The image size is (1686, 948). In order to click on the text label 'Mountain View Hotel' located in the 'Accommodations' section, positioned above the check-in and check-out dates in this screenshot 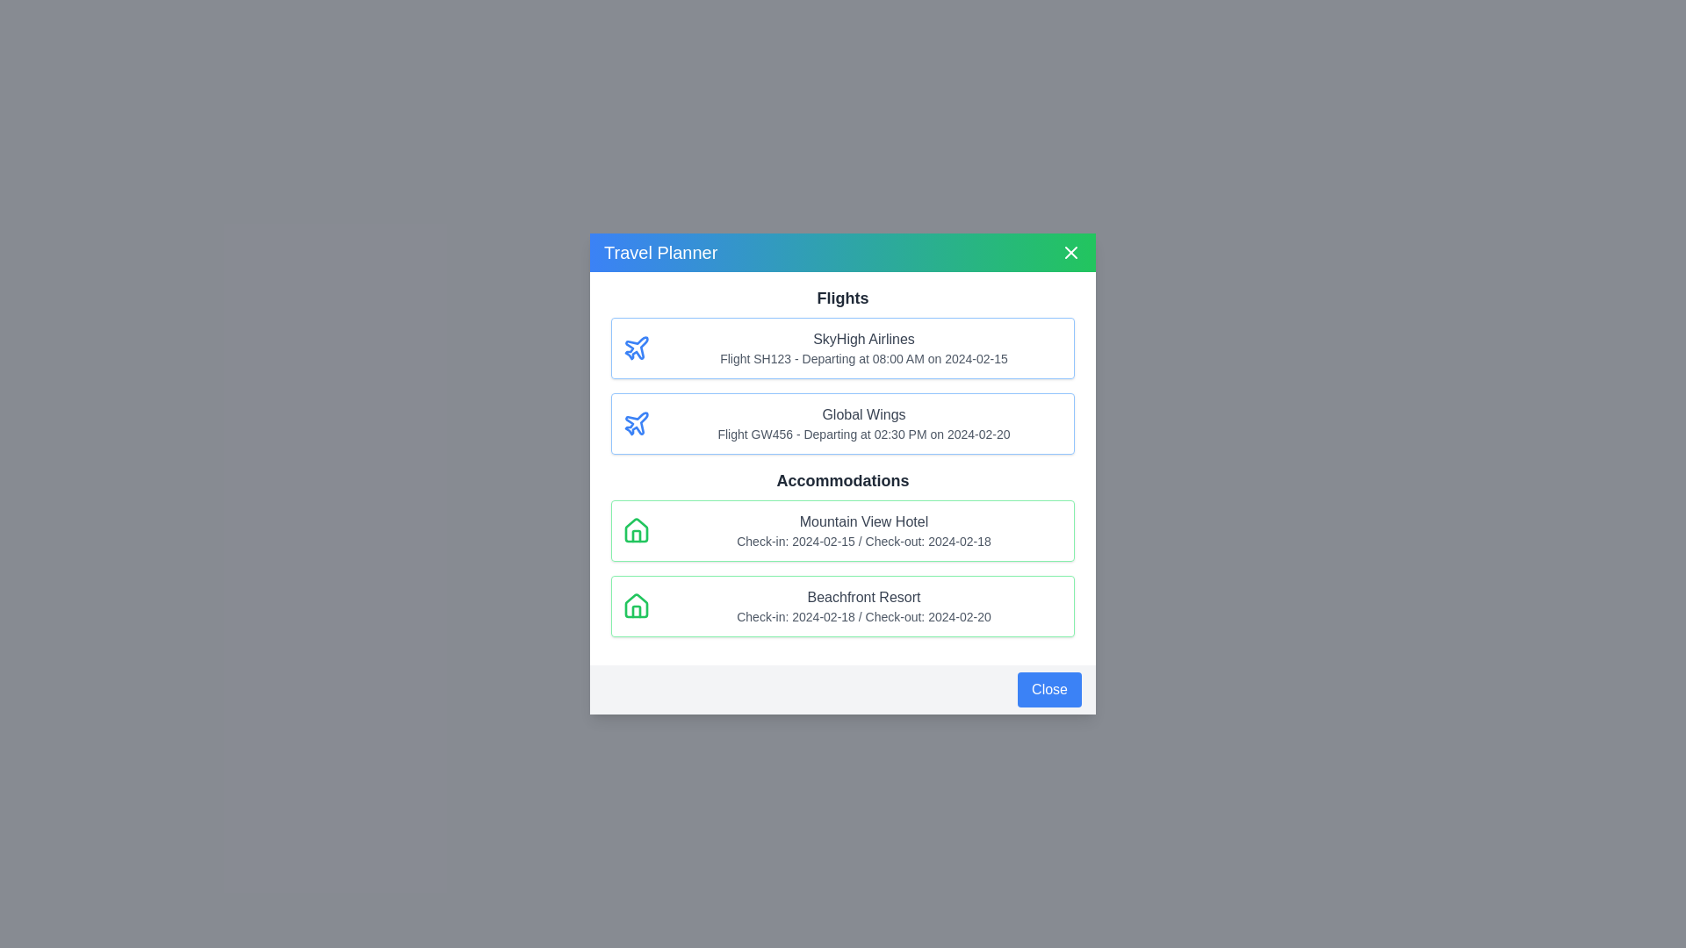, I will do `click(863, 521)`.